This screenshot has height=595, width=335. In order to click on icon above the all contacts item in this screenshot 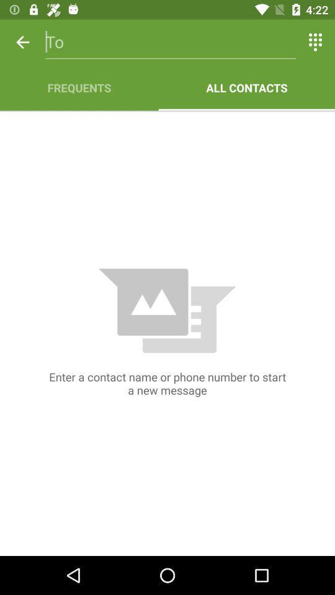, I will do `click(315, 42)`.